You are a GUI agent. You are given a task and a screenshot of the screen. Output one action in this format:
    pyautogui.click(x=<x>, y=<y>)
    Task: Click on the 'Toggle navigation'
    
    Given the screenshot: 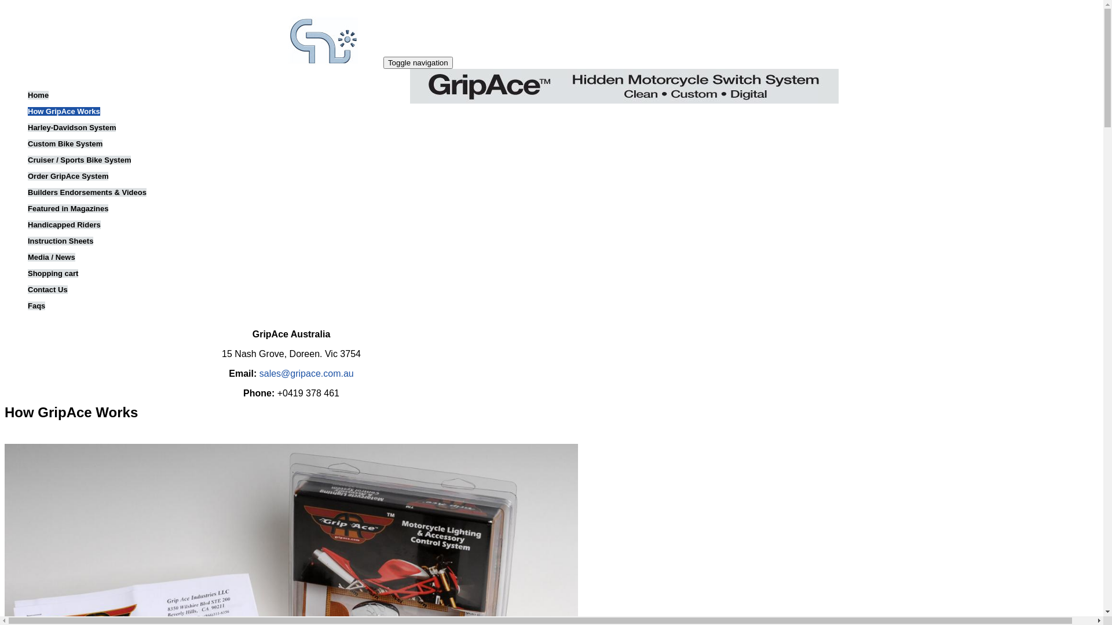 What is the action you would take?
    pyautogui.click(x=383, y=62)
    